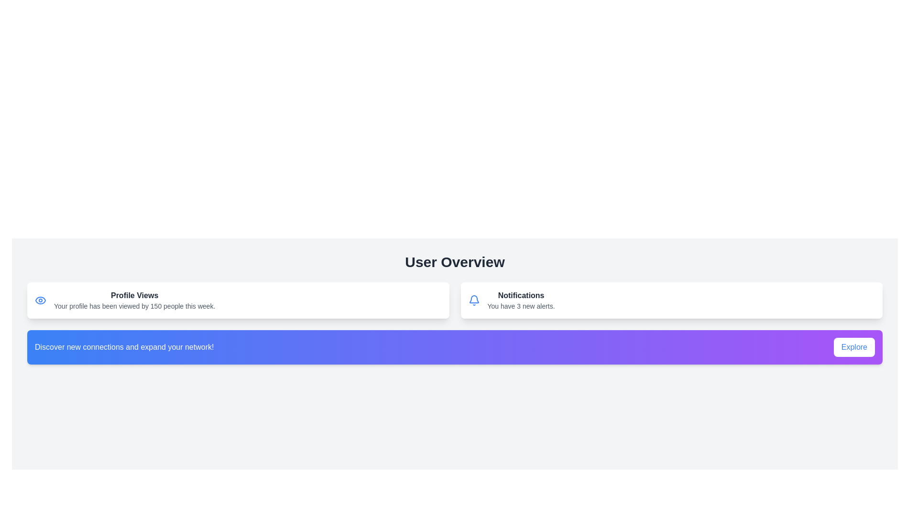  I want to click on text from the Text Label located at the top of the second card on the right beneath the 'User Overview' header, which provides contextual information about notifications, so click(520, 295).